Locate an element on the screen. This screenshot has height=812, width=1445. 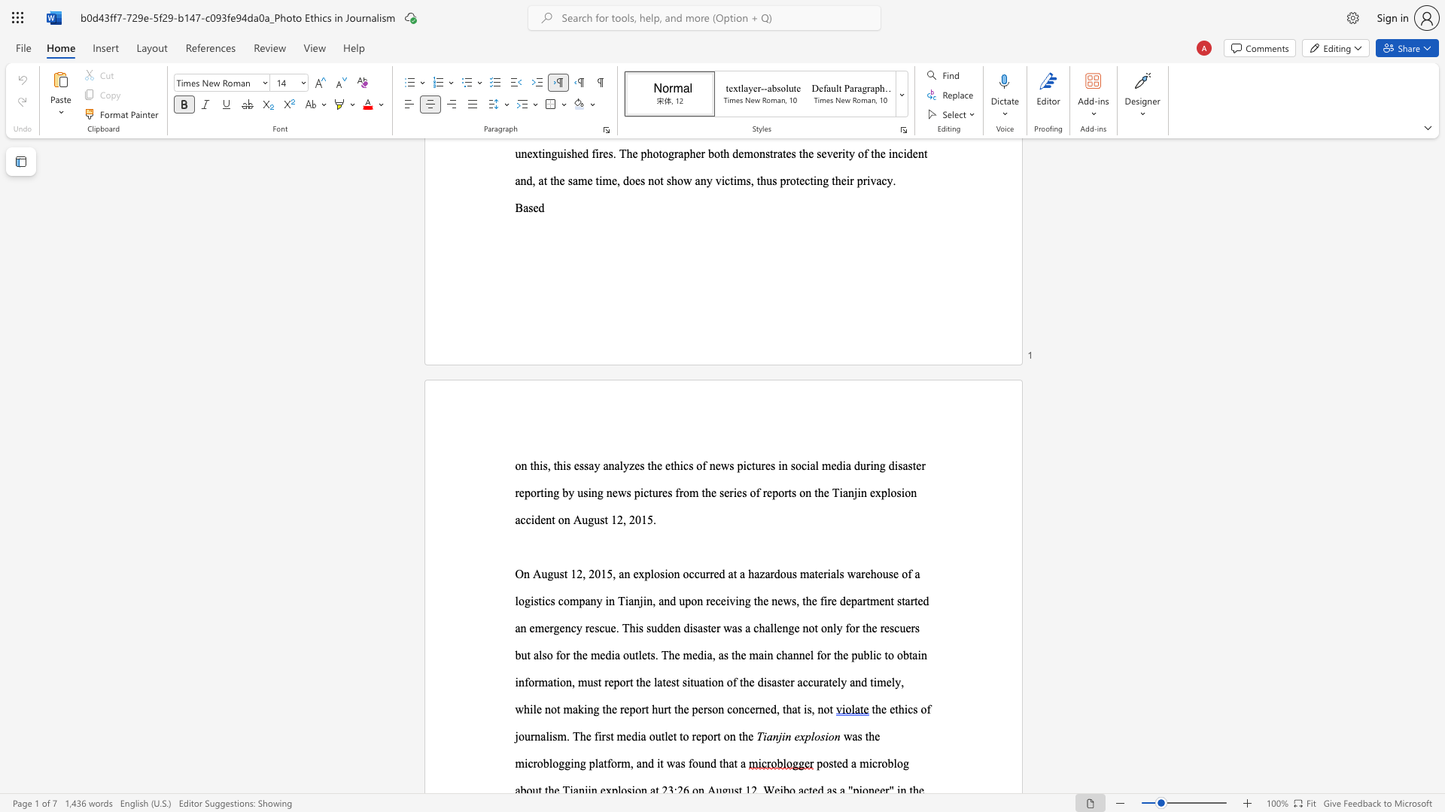
the subset text "t the pers" within the text ", while not making the report hurt the person concerned, that is, not" is located at coordinates (667, 709).